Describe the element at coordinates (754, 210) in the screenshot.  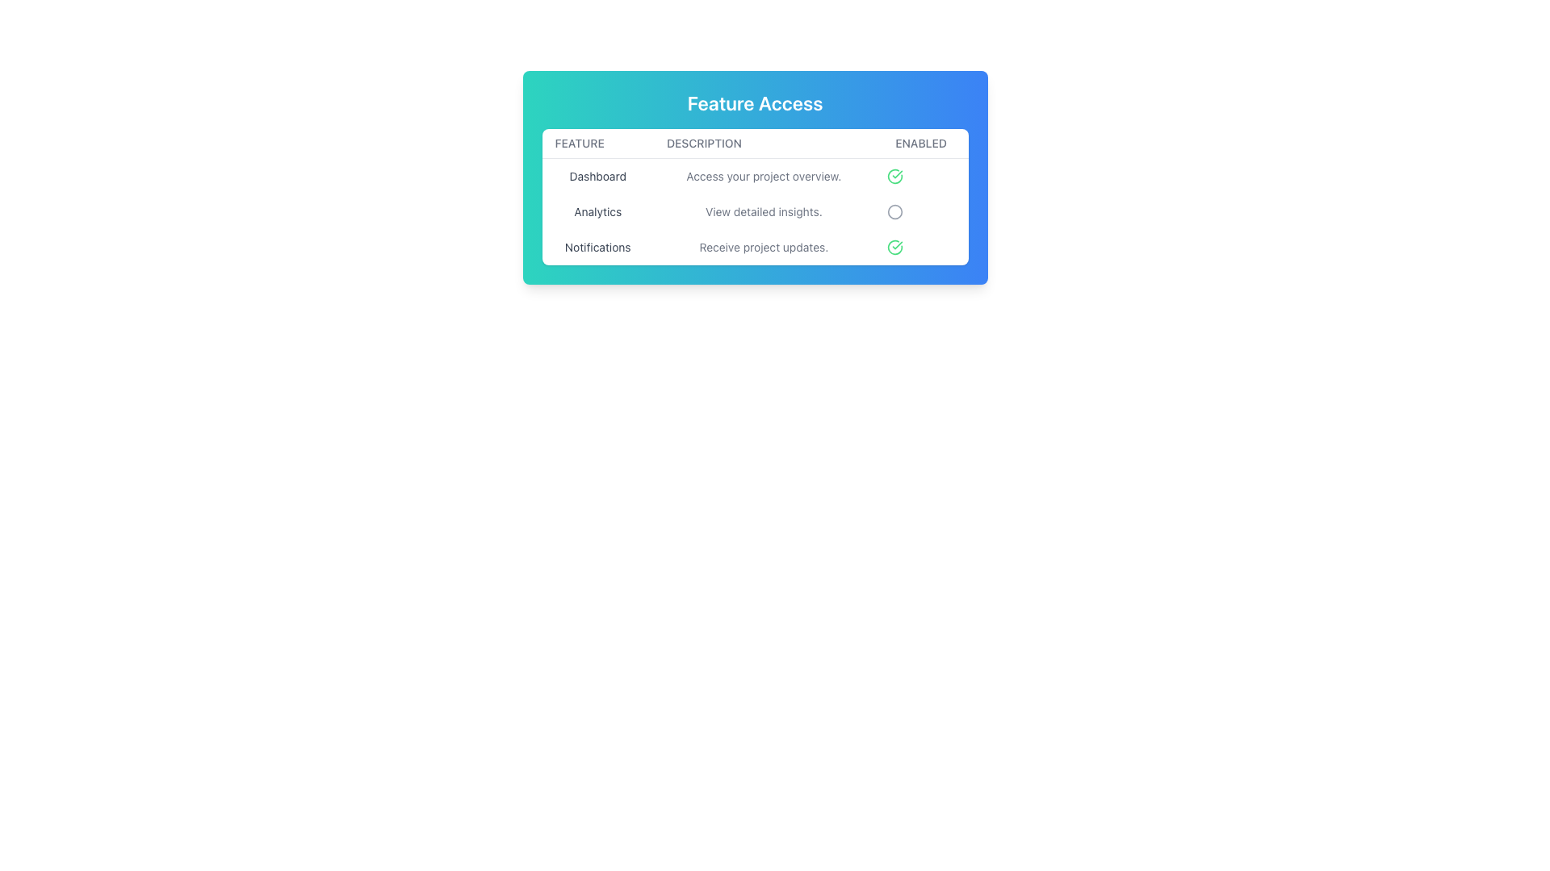
I see `textual information from the middle row of the 'Feature Access' table that provides insights about the 'Analytics' feature and its status` at that location.